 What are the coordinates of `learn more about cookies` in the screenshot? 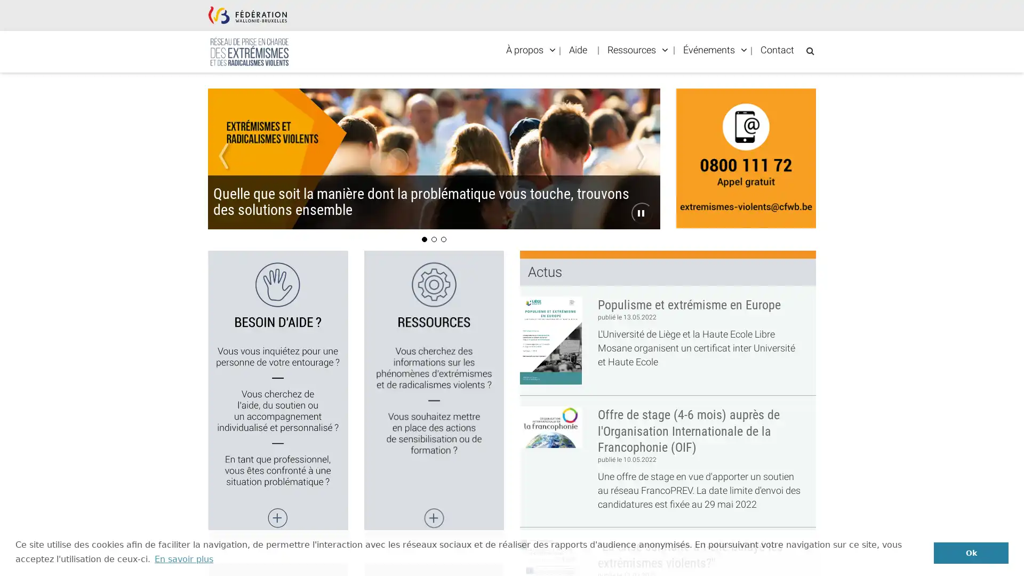 It's located at (183, 558).